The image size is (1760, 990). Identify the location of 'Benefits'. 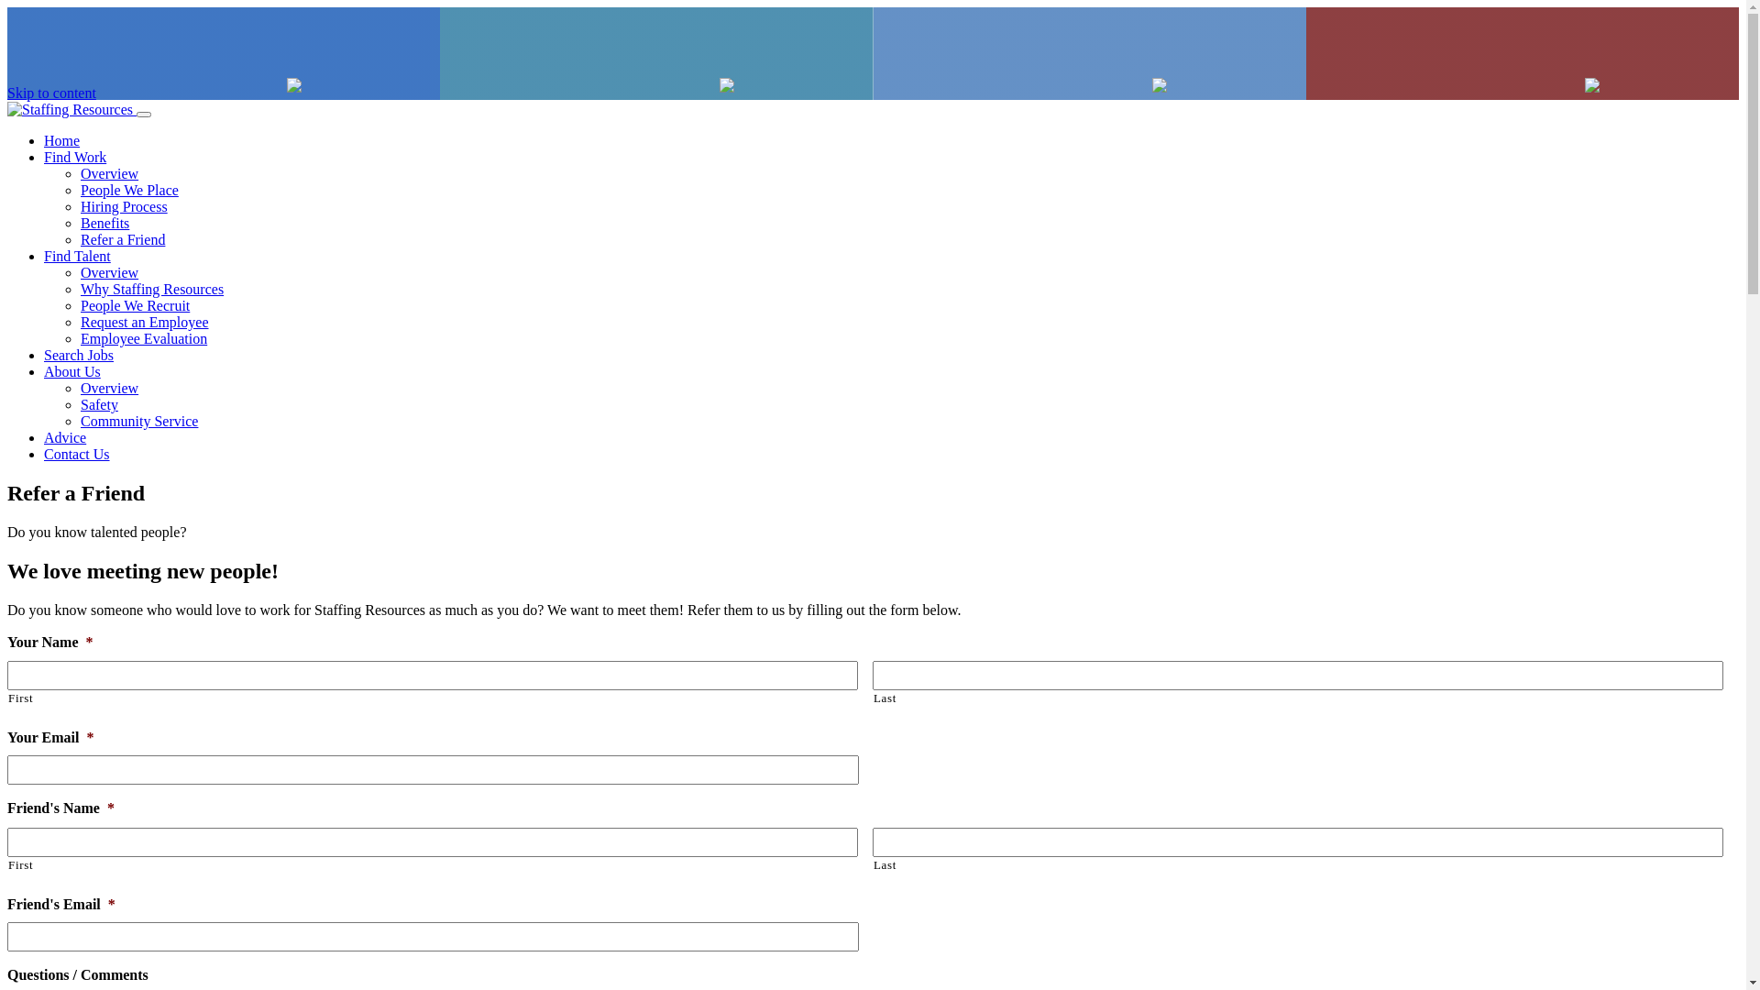
(104, 222).